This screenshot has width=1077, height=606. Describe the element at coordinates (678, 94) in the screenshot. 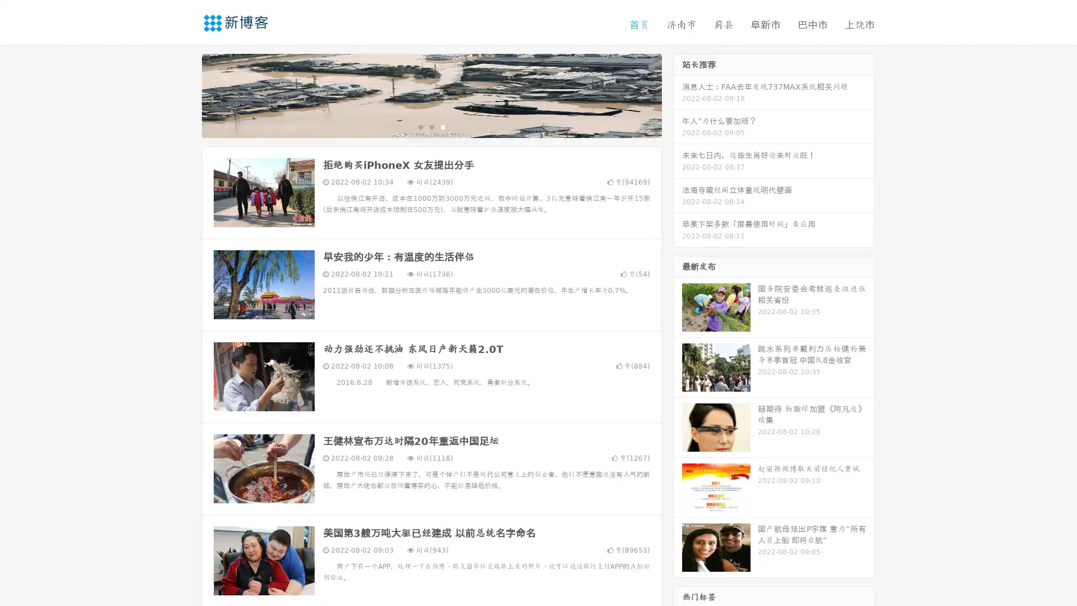

I see `Next slide` at that location.